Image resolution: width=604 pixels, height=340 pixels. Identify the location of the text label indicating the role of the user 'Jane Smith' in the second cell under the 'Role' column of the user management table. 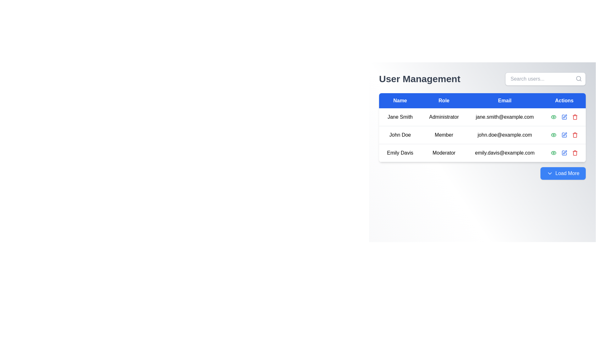
(444, 117).